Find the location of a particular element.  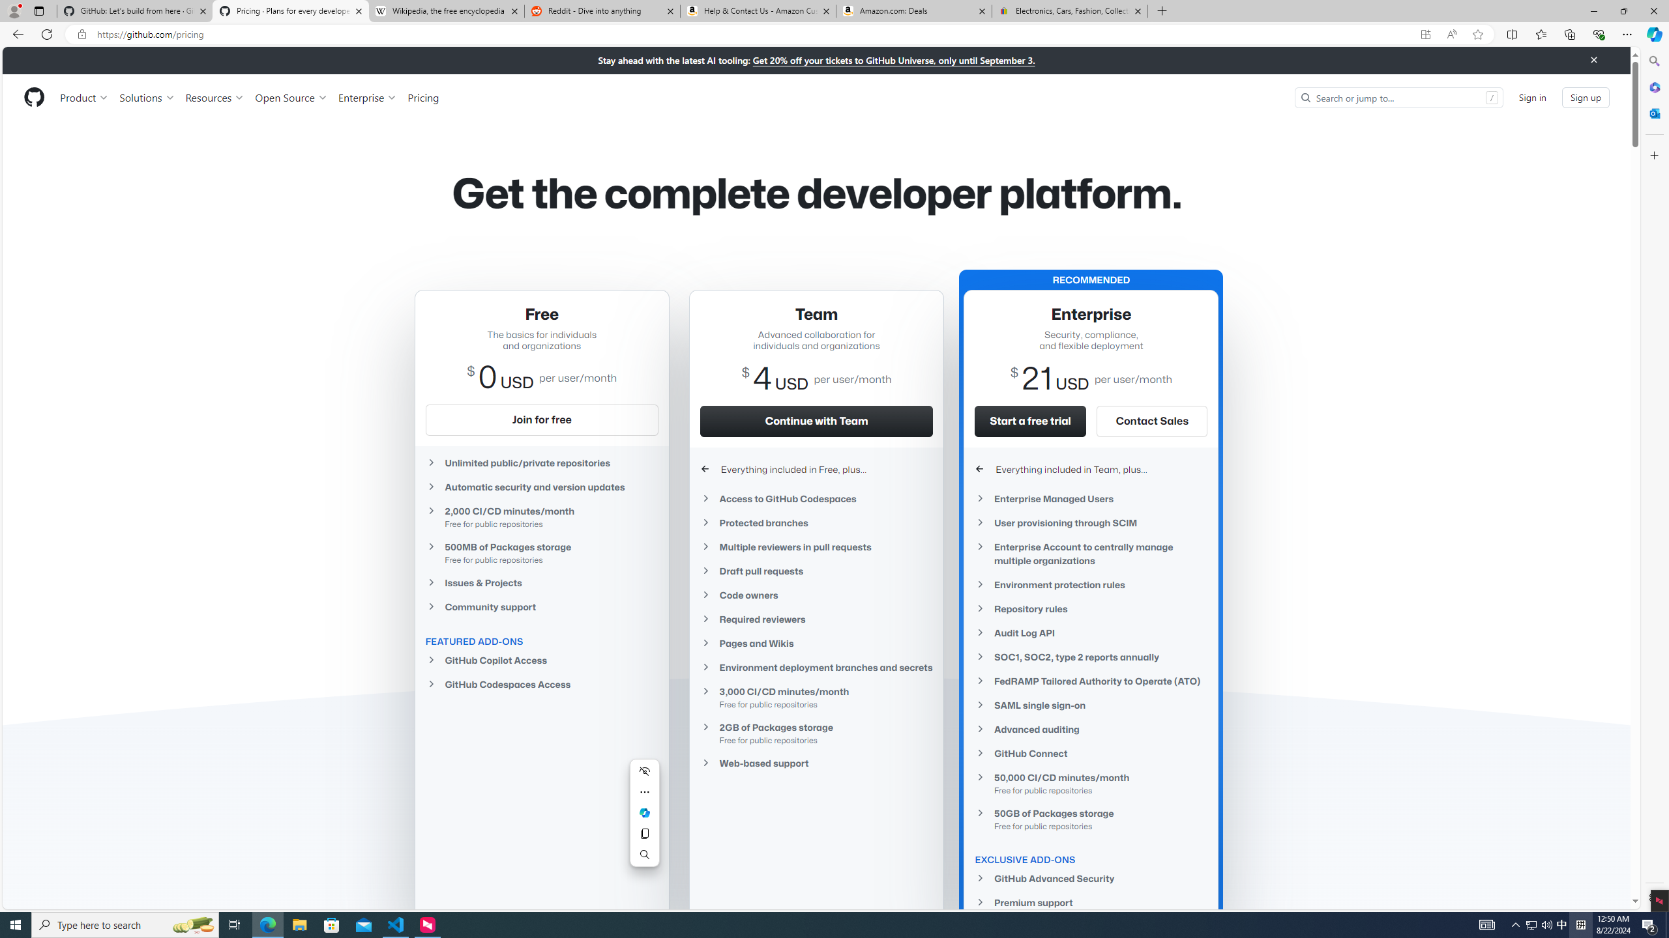

'2,000 CI/CD minutes/month Free for public repositories' is located at coordinates (542, 517).